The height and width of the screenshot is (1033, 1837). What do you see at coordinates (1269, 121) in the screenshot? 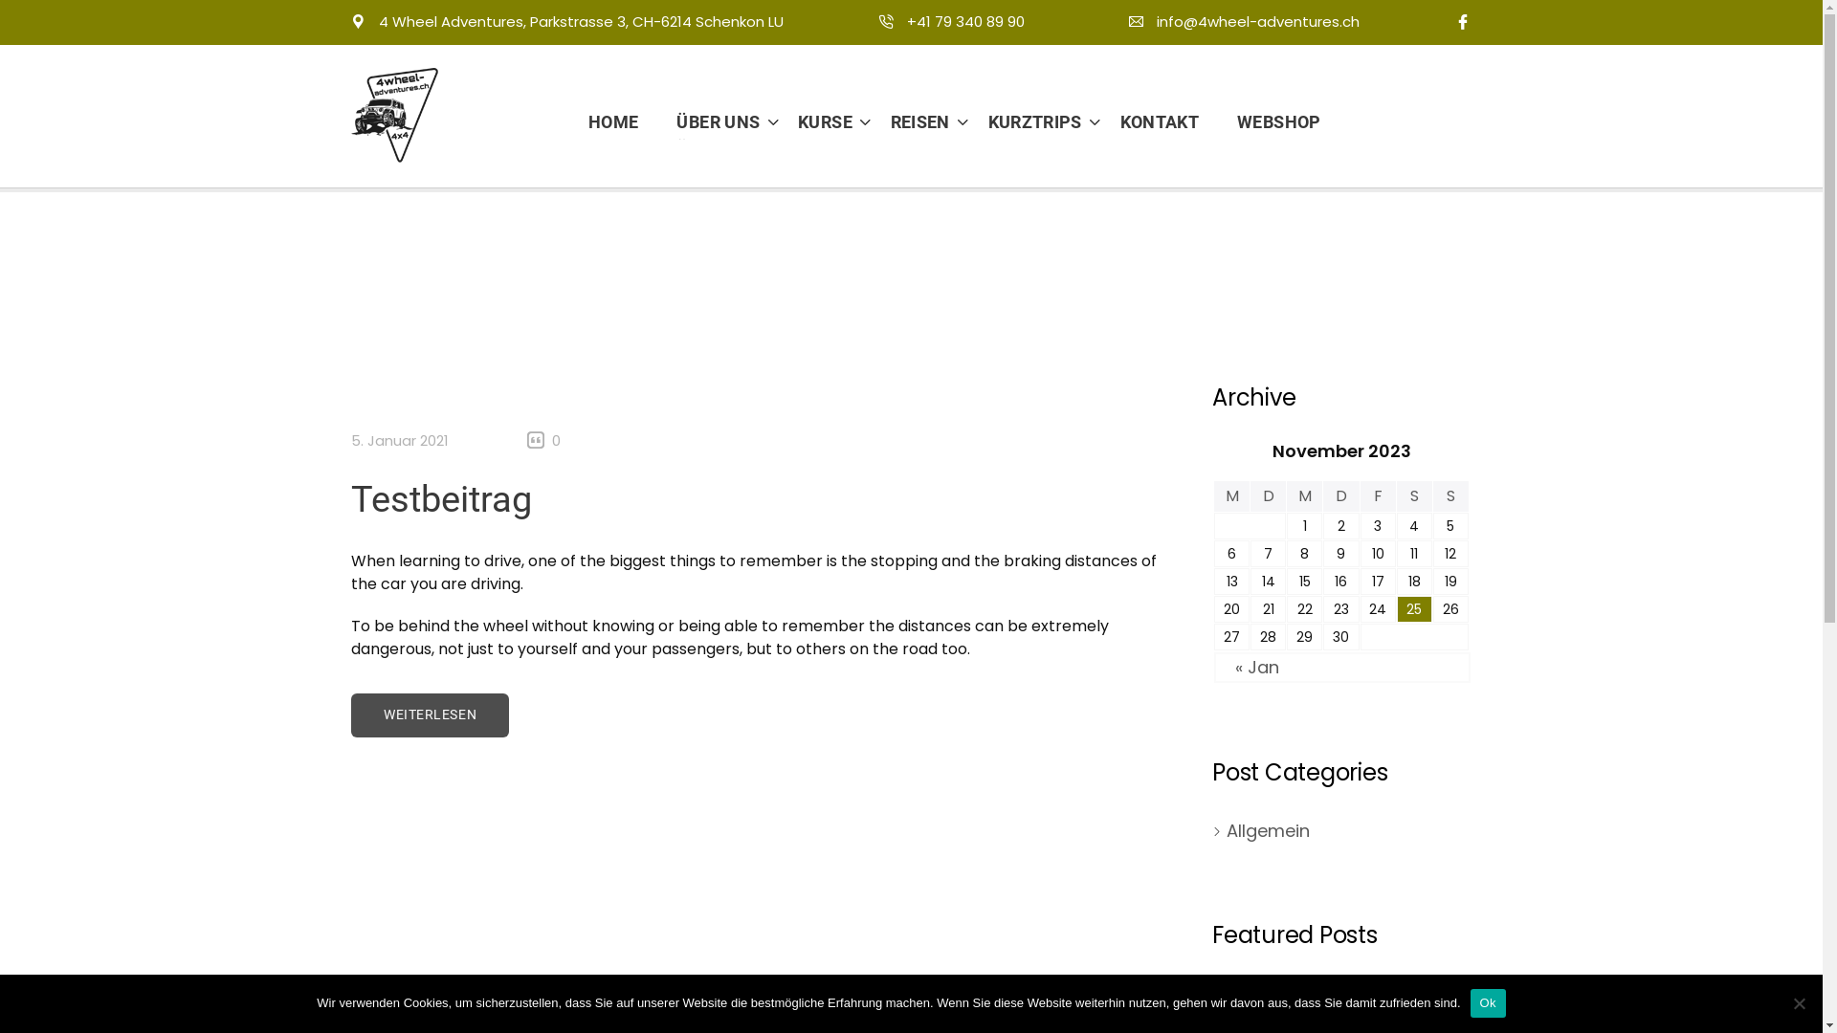
I see `'WEBSHOP'` at bounding box center [1269, 121].